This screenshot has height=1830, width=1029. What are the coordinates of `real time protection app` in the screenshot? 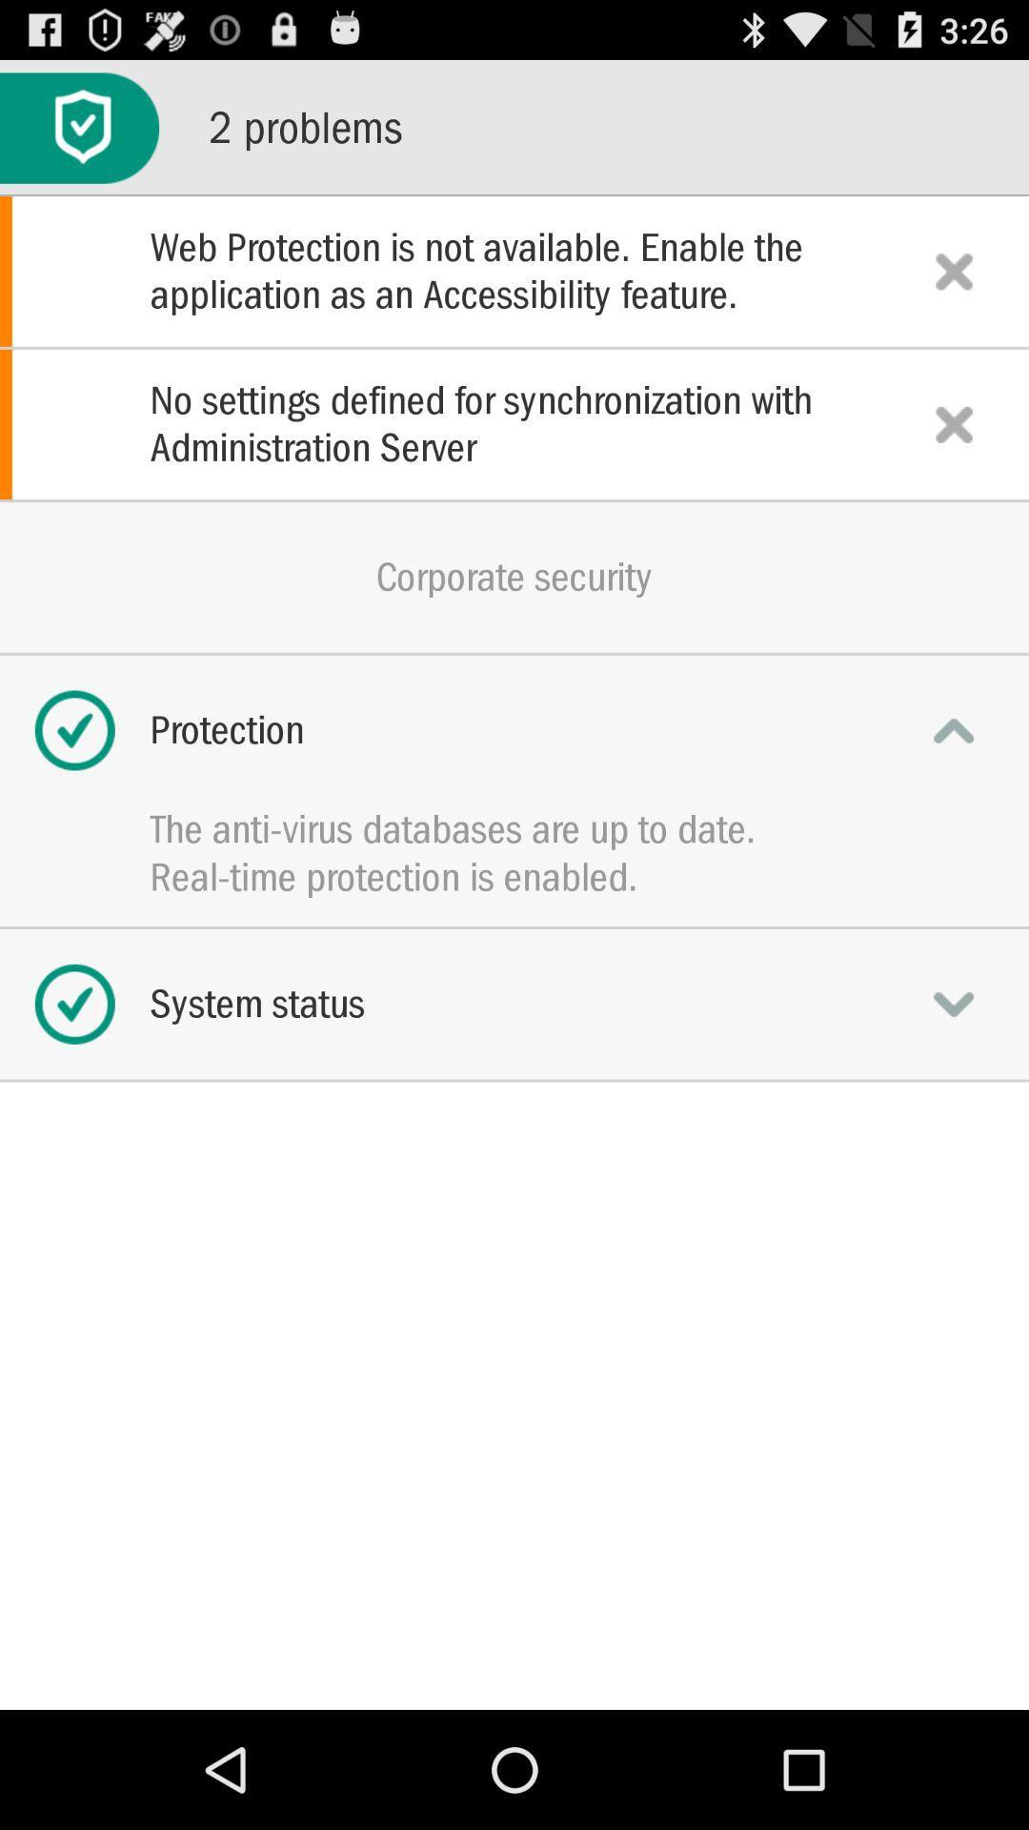 It's located at (514, 876).